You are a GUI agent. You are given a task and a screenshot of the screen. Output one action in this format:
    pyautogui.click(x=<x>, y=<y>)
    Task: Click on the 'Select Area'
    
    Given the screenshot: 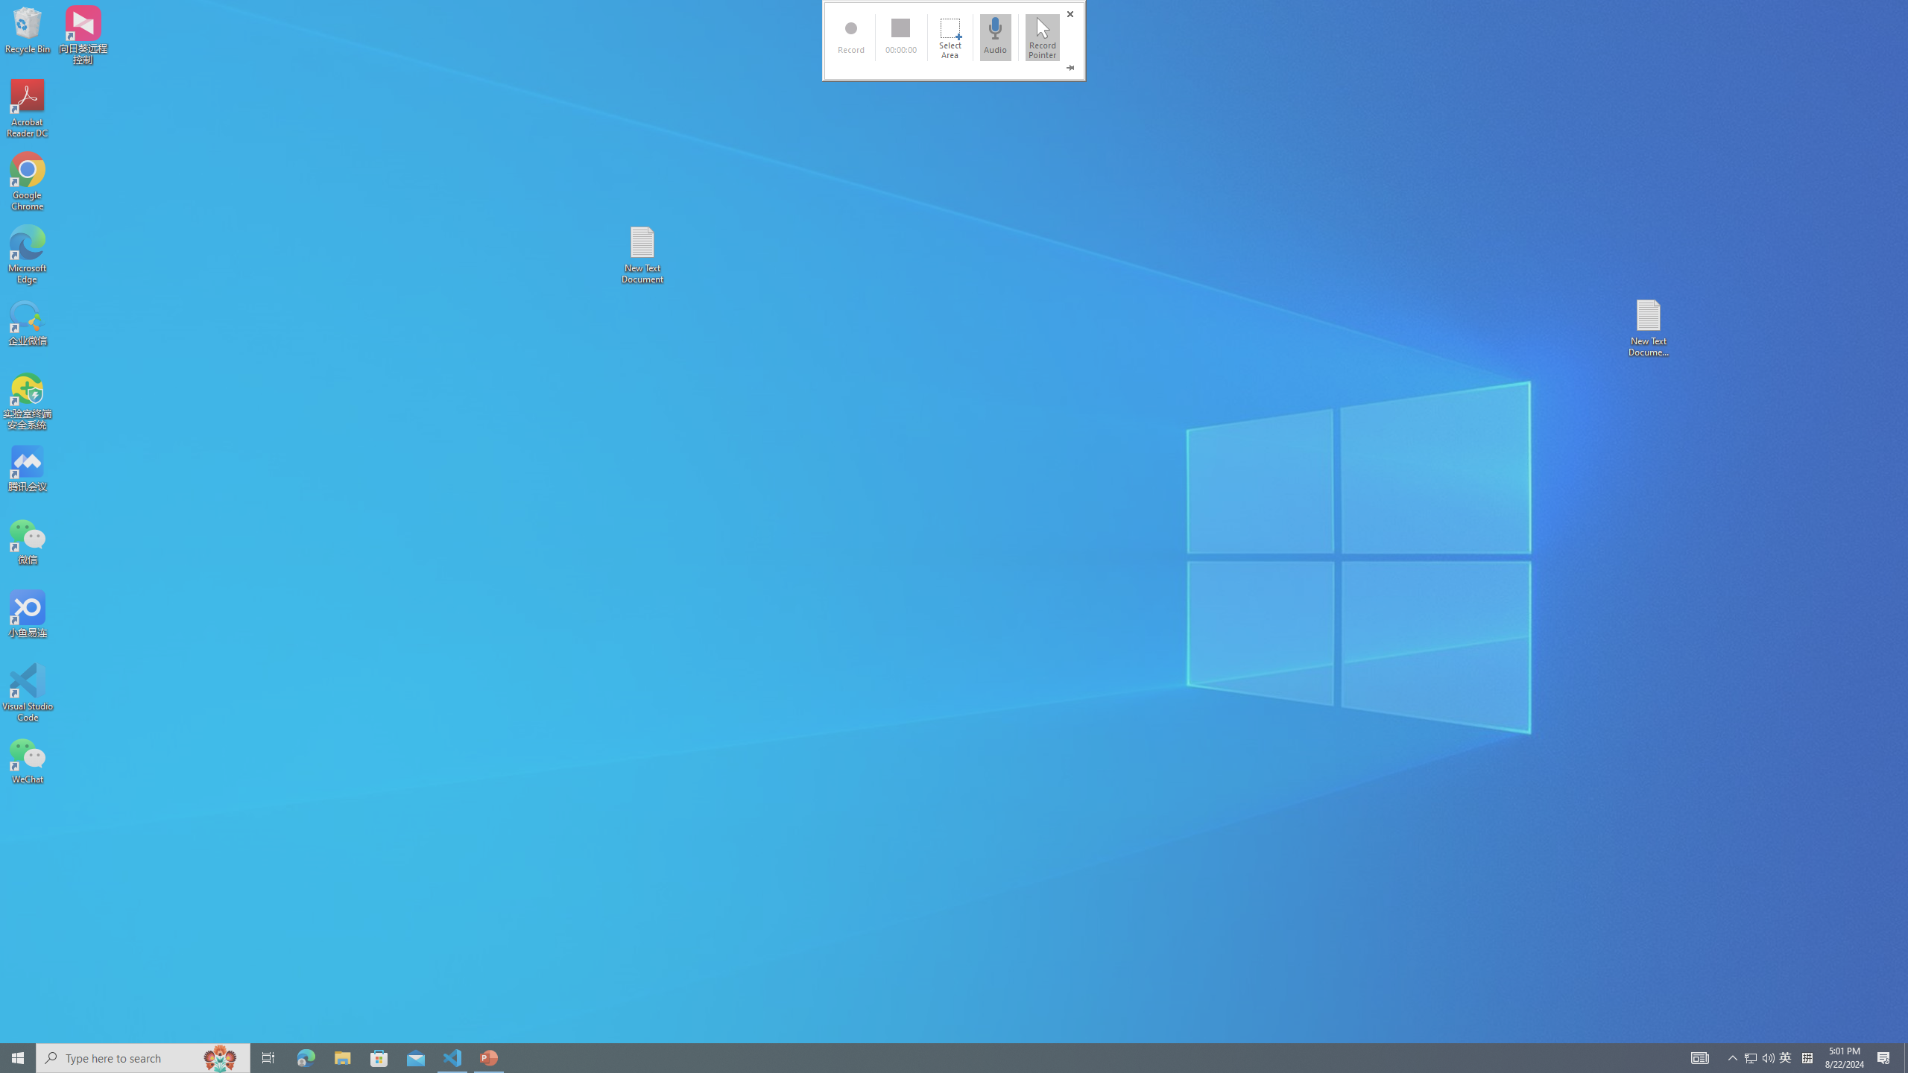 What is the action you would take?
    pyautogui.click(x=949, y=37)
    